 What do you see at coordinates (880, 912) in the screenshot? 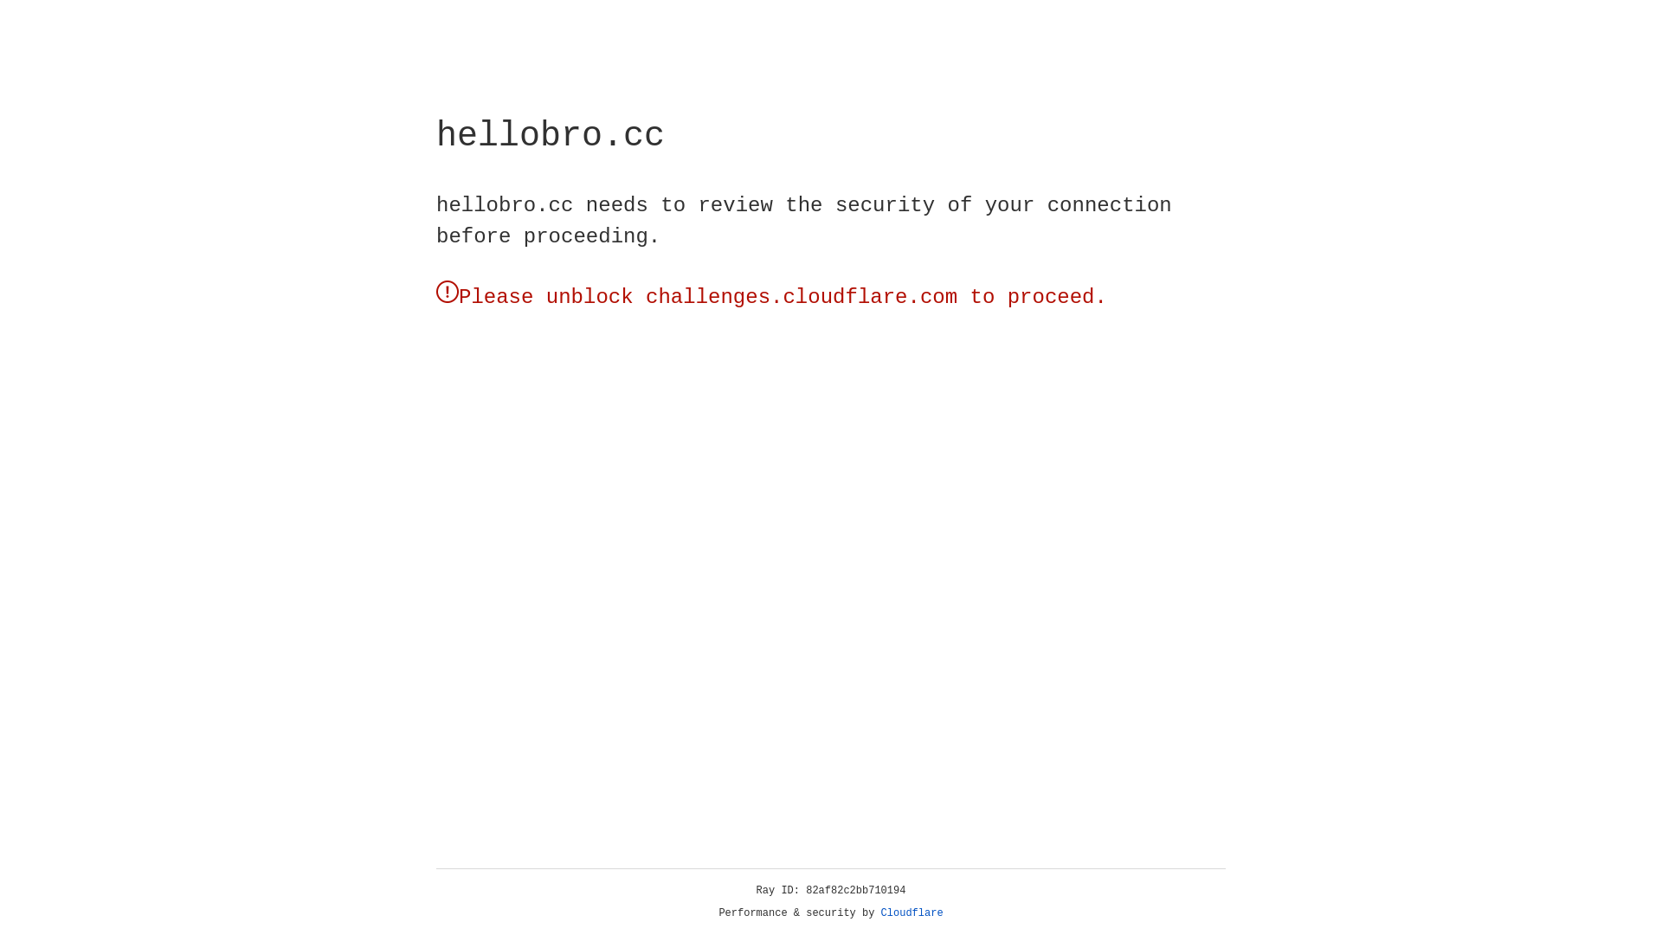
I see `'Cloudflare'` at bounding box center [880, 912].